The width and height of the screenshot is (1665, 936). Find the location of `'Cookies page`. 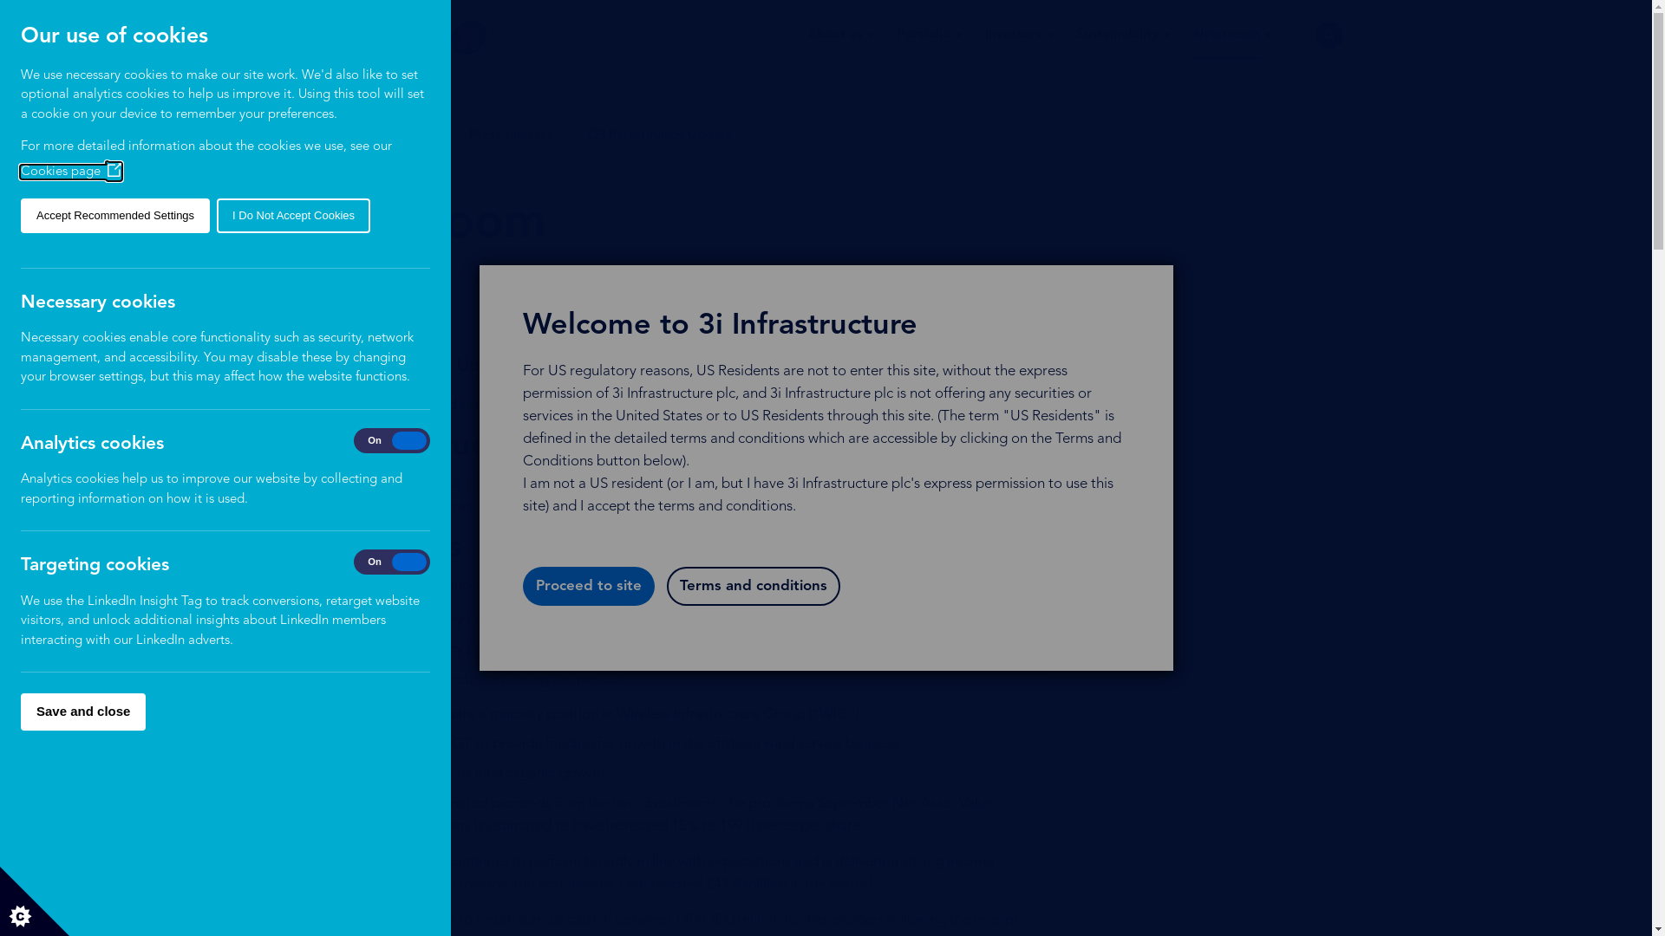

'Cookies page is located at coordinates (69, 171).